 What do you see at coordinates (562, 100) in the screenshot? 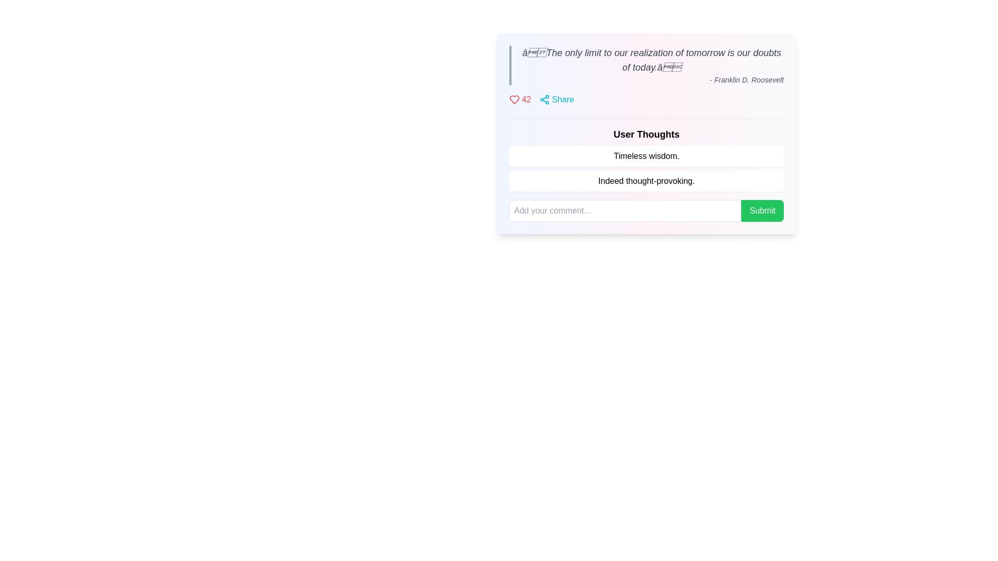
I see `the 'Share' text label, which is styled with a cyan font color and is positioned inline with a share icon` at bounding box center [562, 100].